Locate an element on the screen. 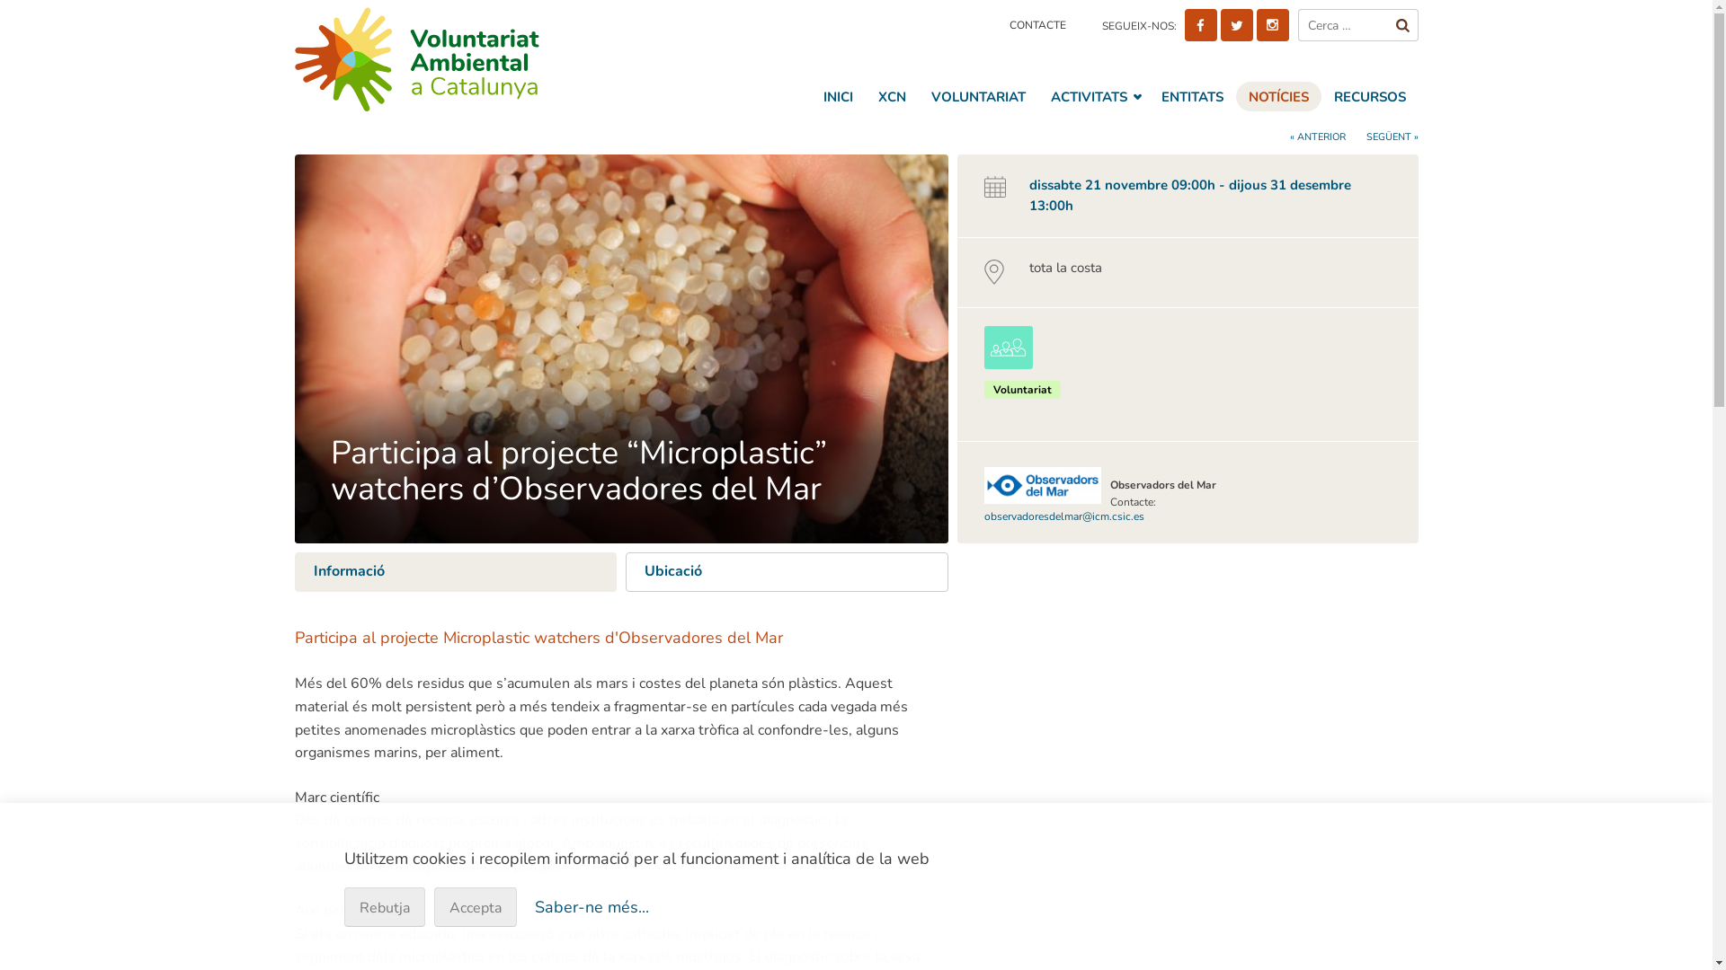 The width and height of the screenshot is (1726, 970). 'Voluntariat' is located at coordinates (1022, 389).